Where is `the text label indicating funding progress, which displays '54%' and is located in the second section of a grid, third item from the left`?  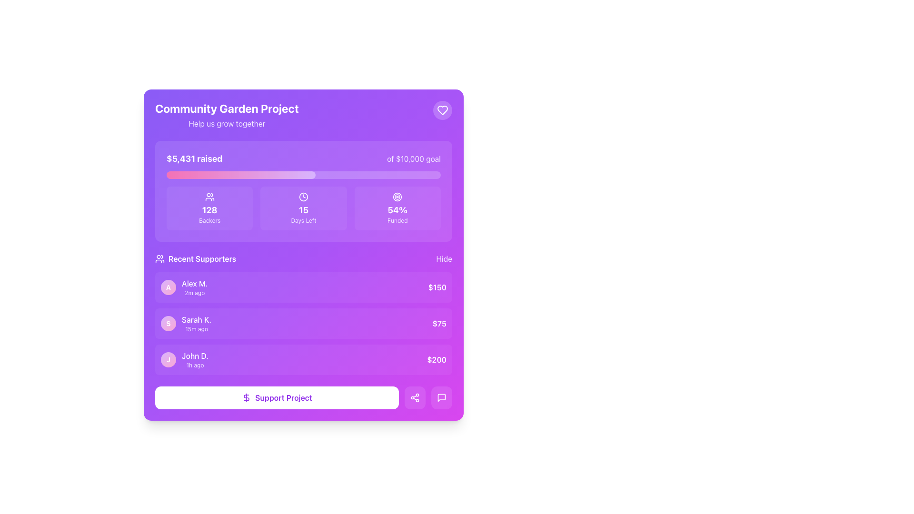 the text label indicating funding progress, which displays '54%' and is located in the second section of a grid, third item from the left is located at coordinates (397, 210).